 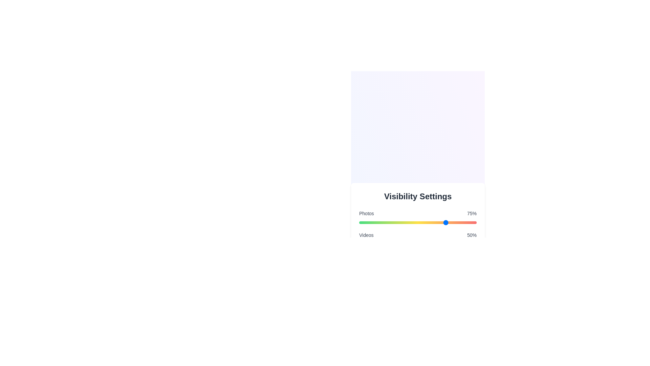 What do you see at coordinates (430, 222) in the screenshot?
I see `the visibility percentage for a category by setting the slider to 61` at bounding box center [430, 222].